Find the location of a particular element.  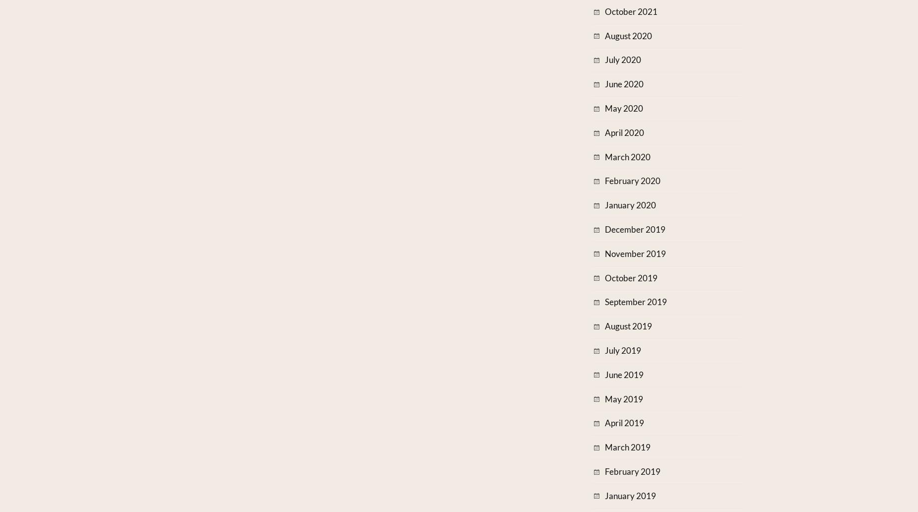

'October 2021' is located at coordinates (604, 11).